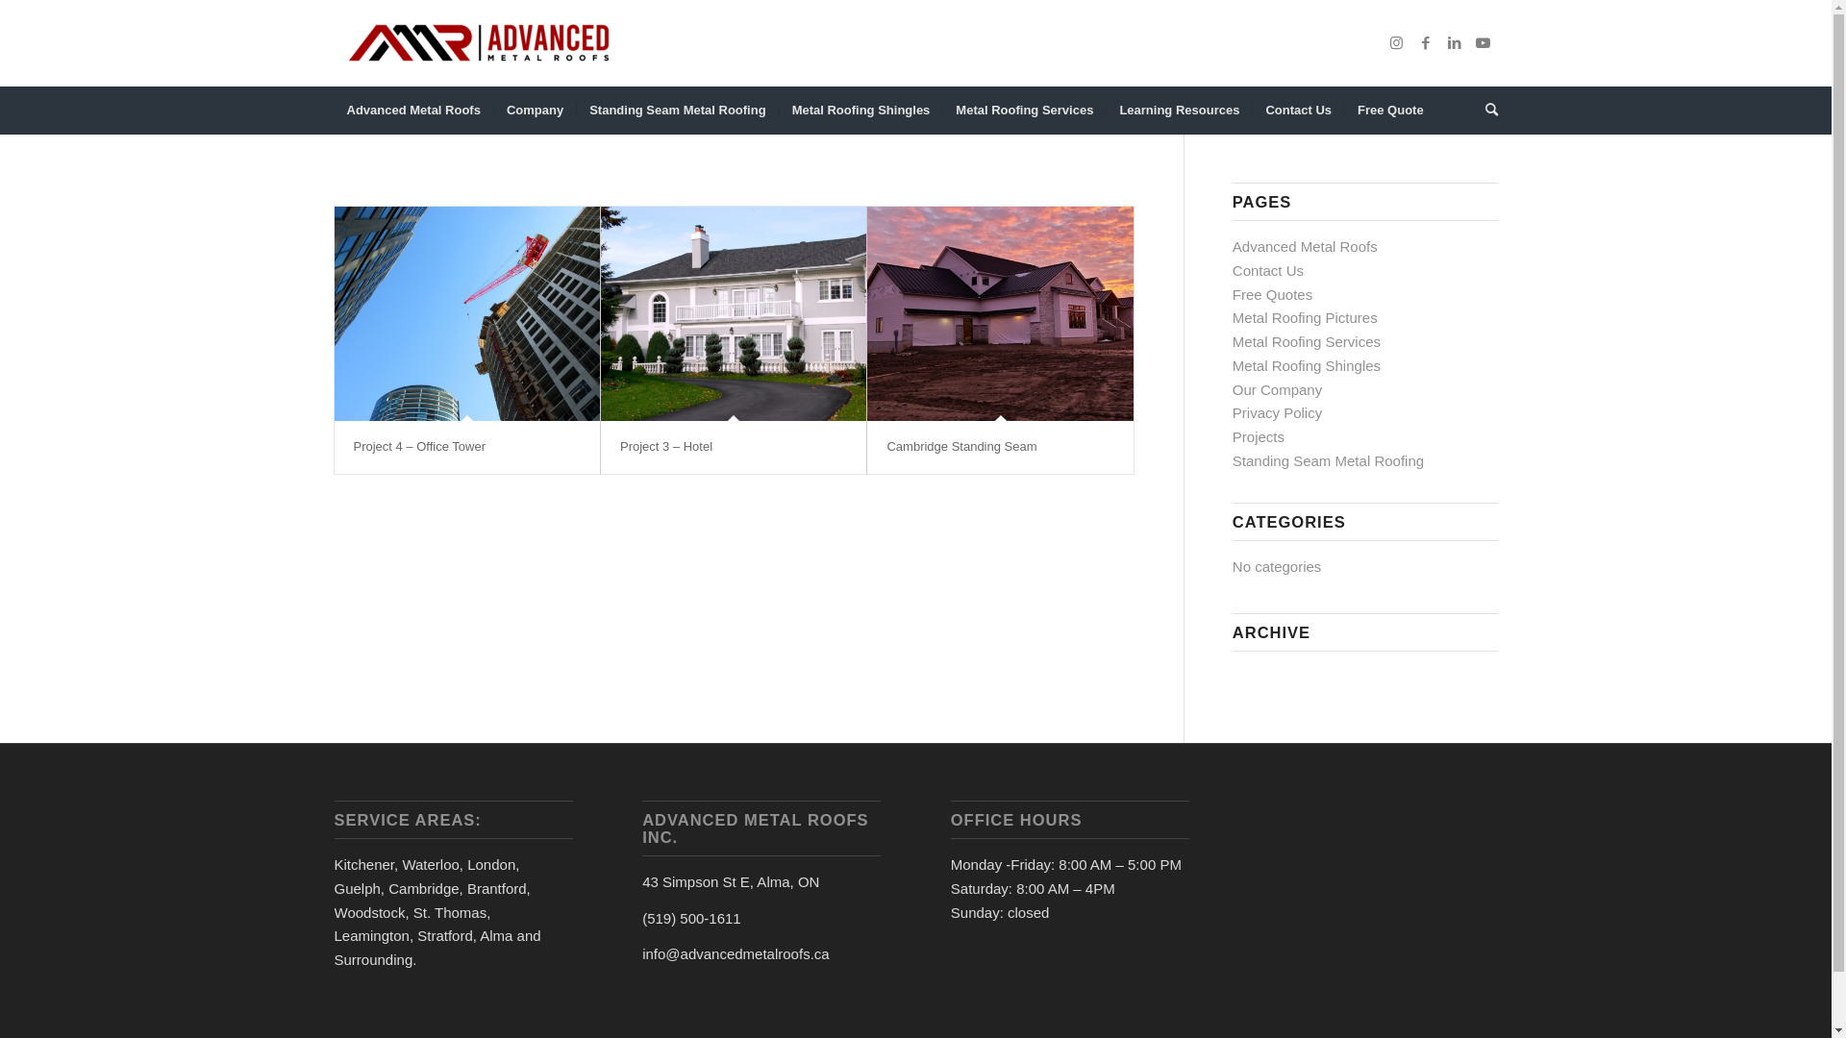 The image size is (1846, 1038). I want to click on 'Projects', so click(1232, 436).